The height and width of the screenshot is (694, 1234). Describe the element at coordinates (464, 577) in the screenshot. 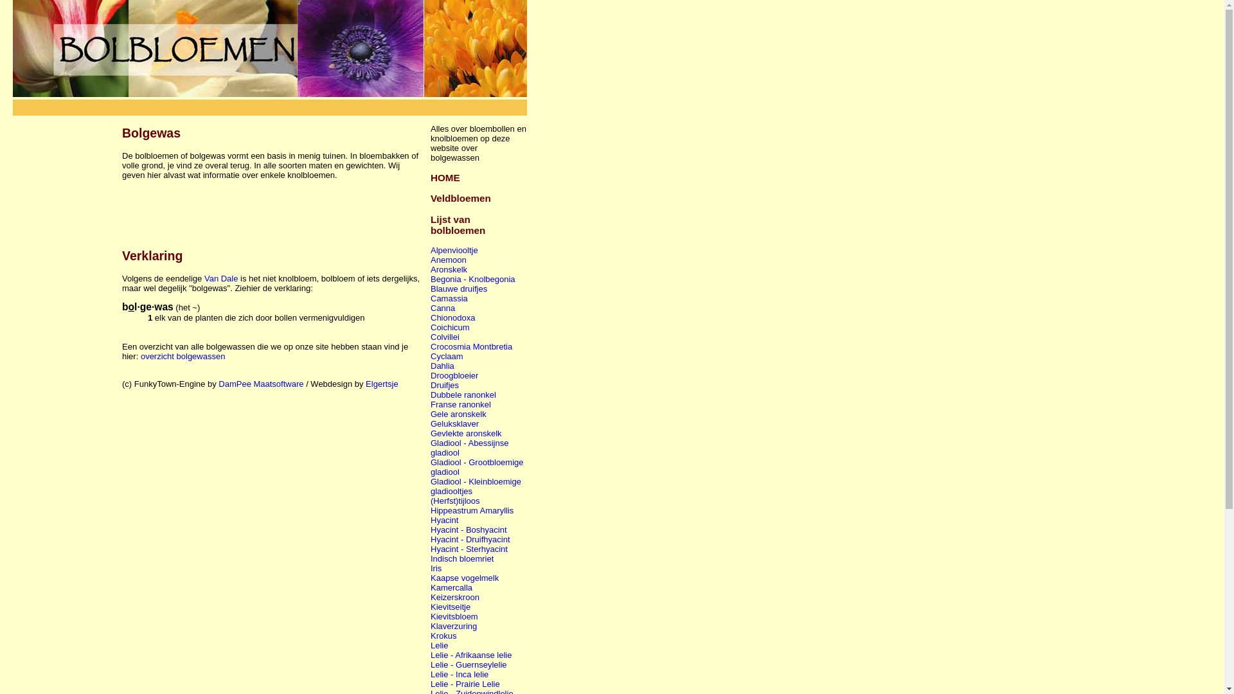

I see `'Kaapse vogelmelk'` at that location.